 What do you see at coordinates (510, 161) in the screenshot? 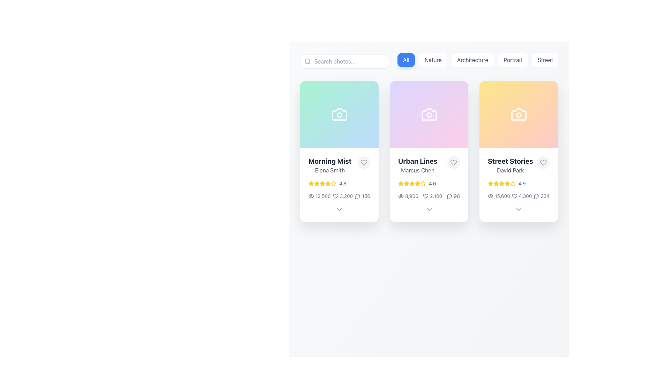
I see `the 'Street Stories' text label, which is the title of the card associated with the photo collection, positioned in the top area of the rightmost card in a list of three cards under the 'Street' category` at bounding box center [510, 161].